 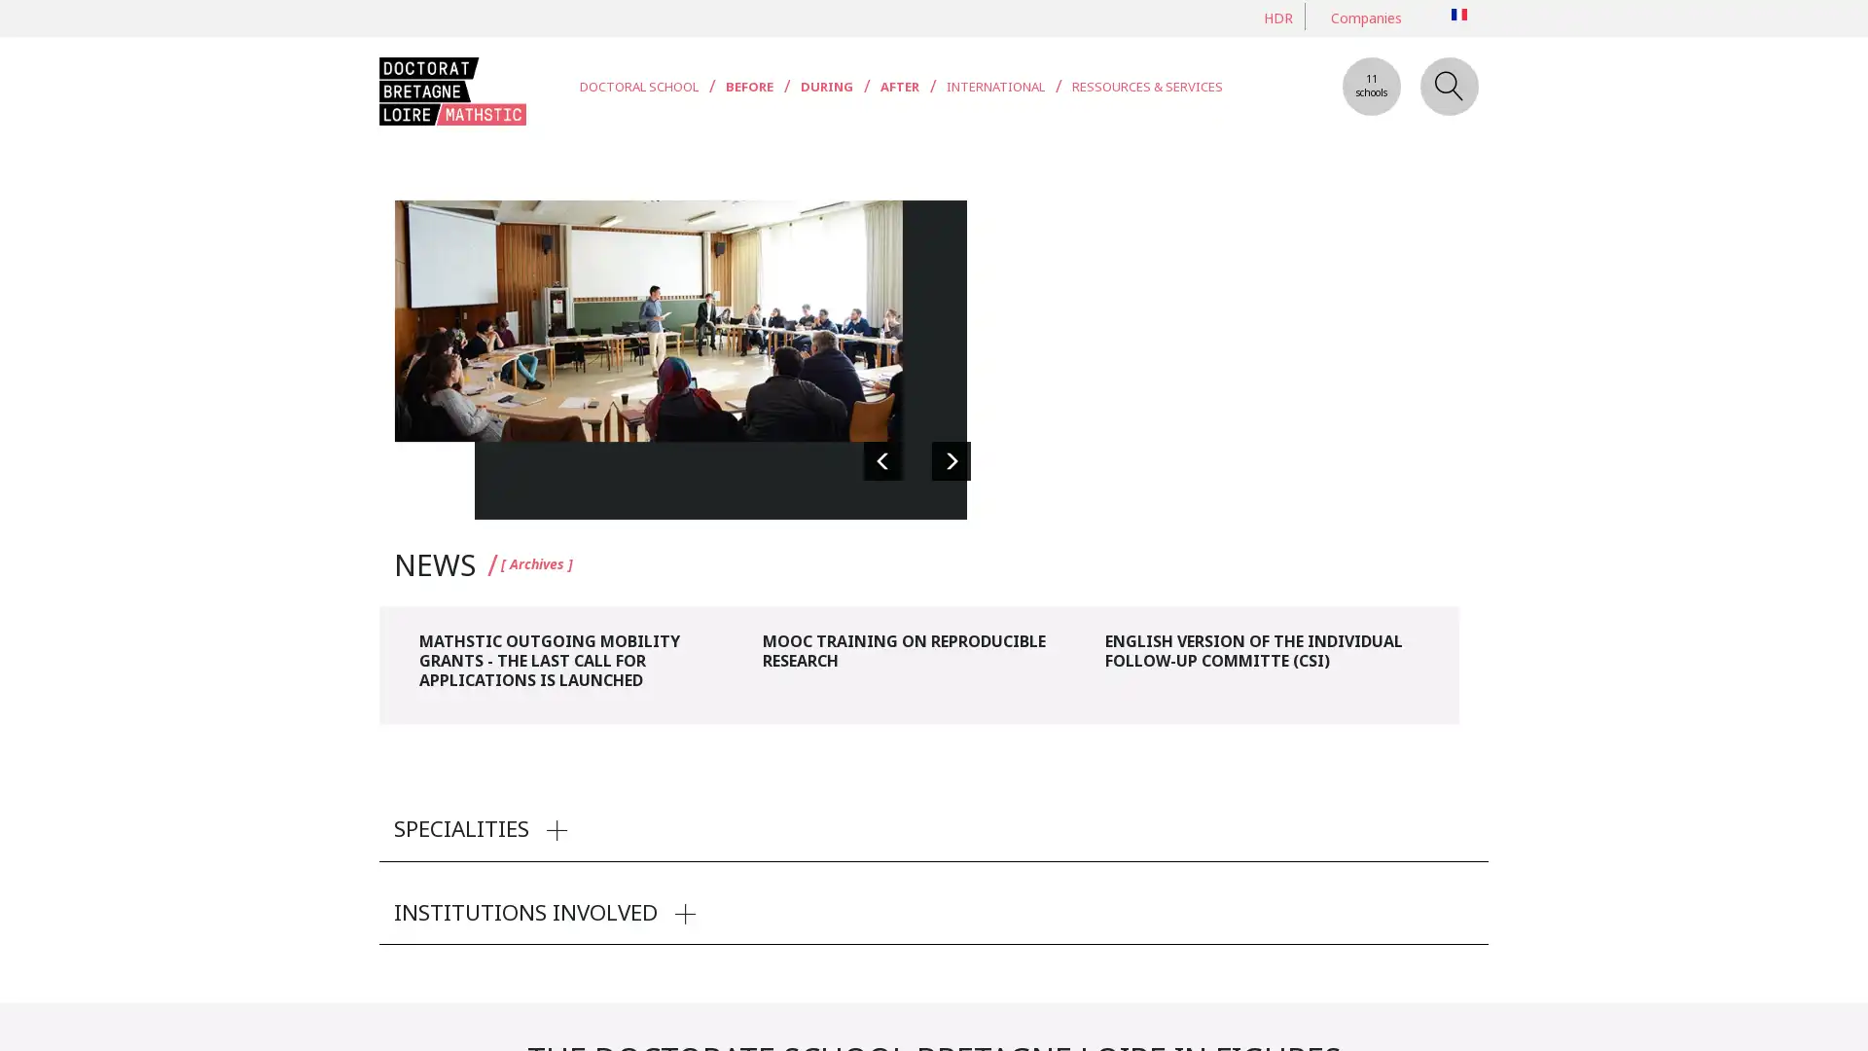 I want to click on Precedente, so click(x=881, y=460).